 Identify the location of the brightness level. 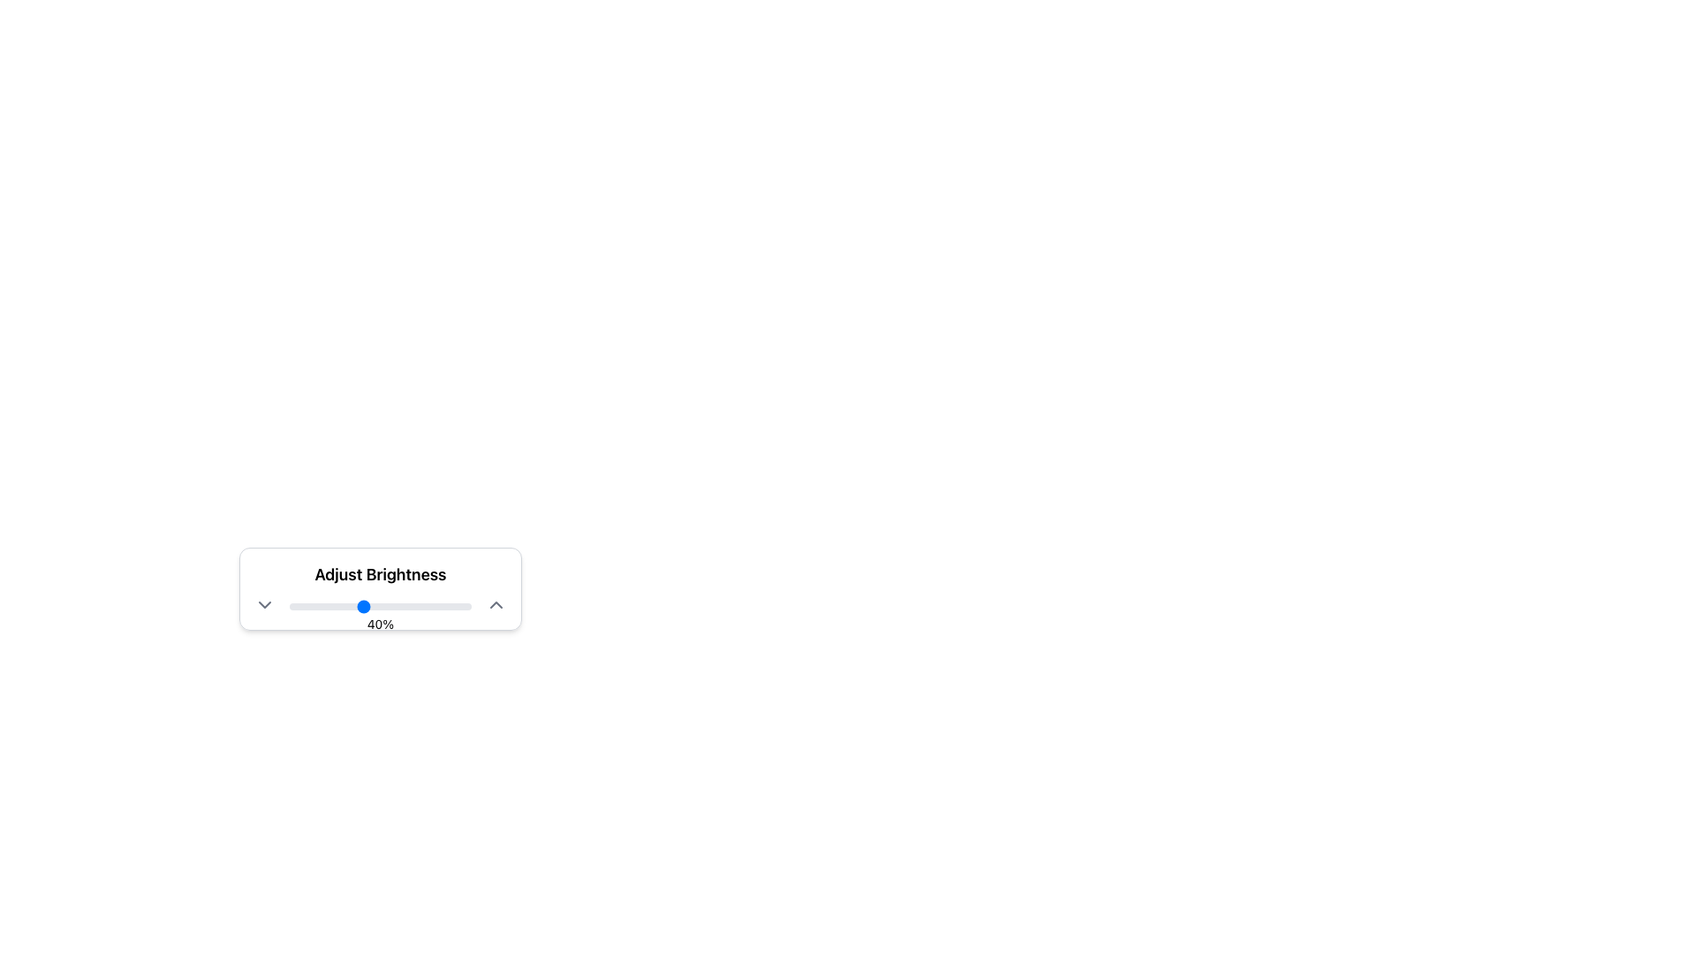
(347, 605).